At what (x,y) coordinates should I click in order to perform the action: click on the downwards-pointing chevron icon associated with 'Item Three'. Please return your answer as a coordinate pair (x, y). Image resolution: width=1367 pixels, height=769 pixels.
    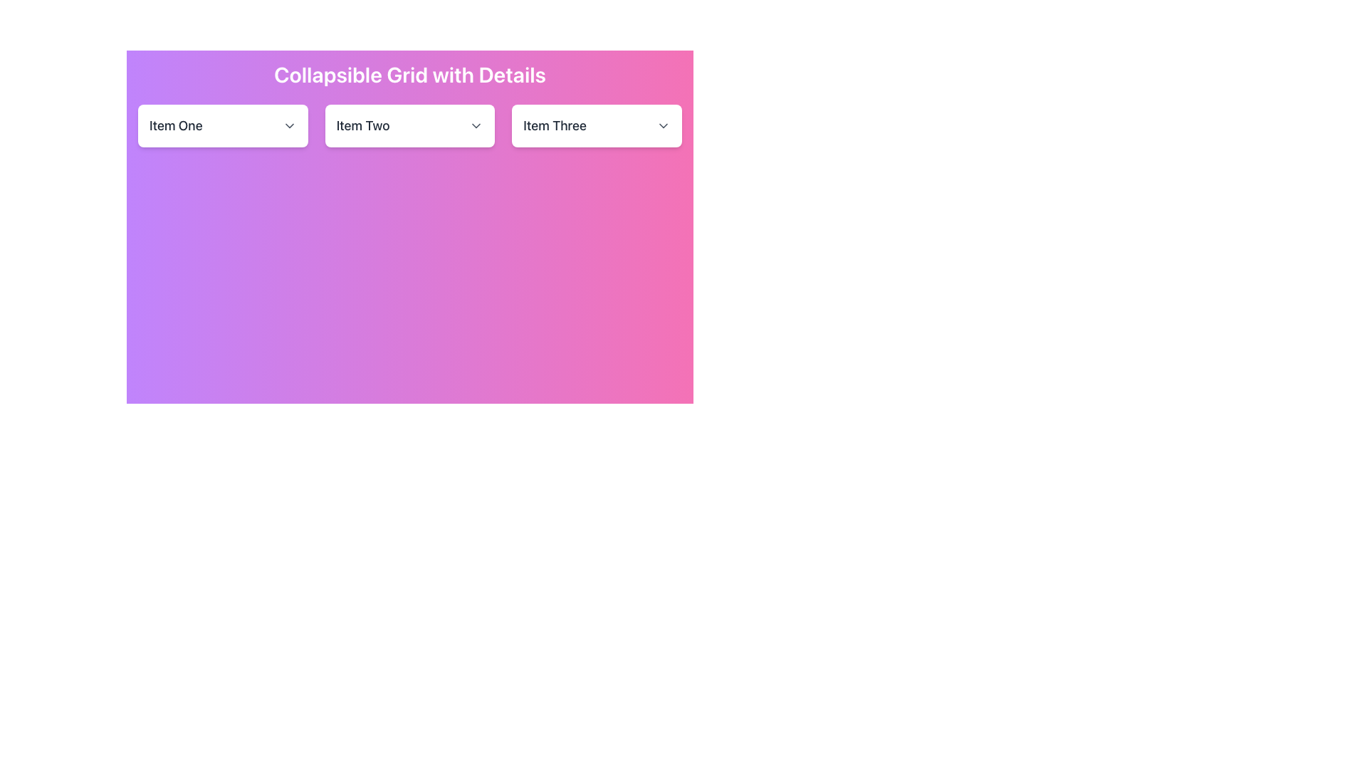
    Looking at the image, I should click on (662, 125).